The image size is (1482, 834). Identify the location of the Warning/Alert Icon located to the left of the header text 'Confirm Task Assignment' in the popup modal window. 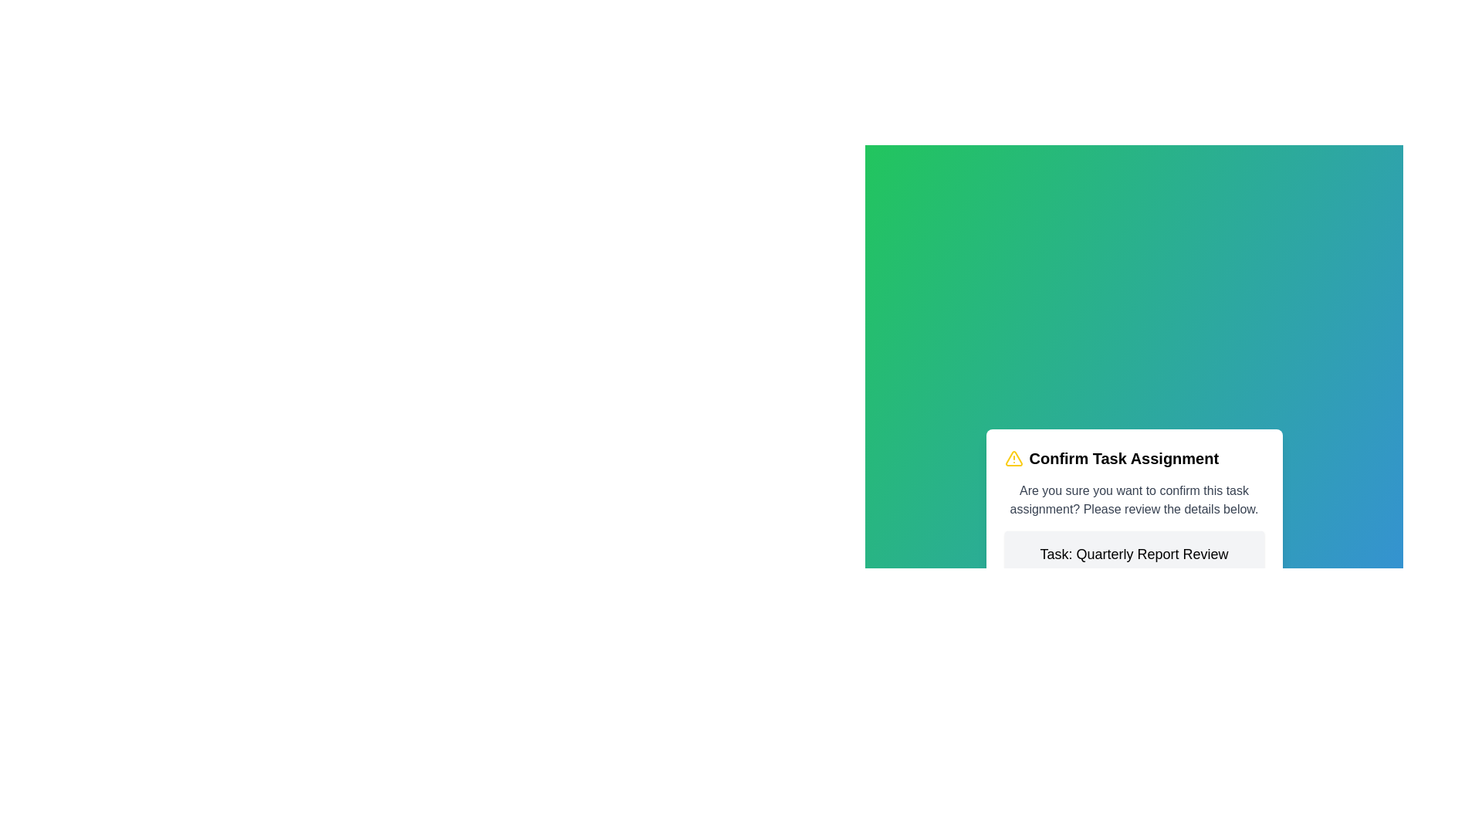
(1013, 458).